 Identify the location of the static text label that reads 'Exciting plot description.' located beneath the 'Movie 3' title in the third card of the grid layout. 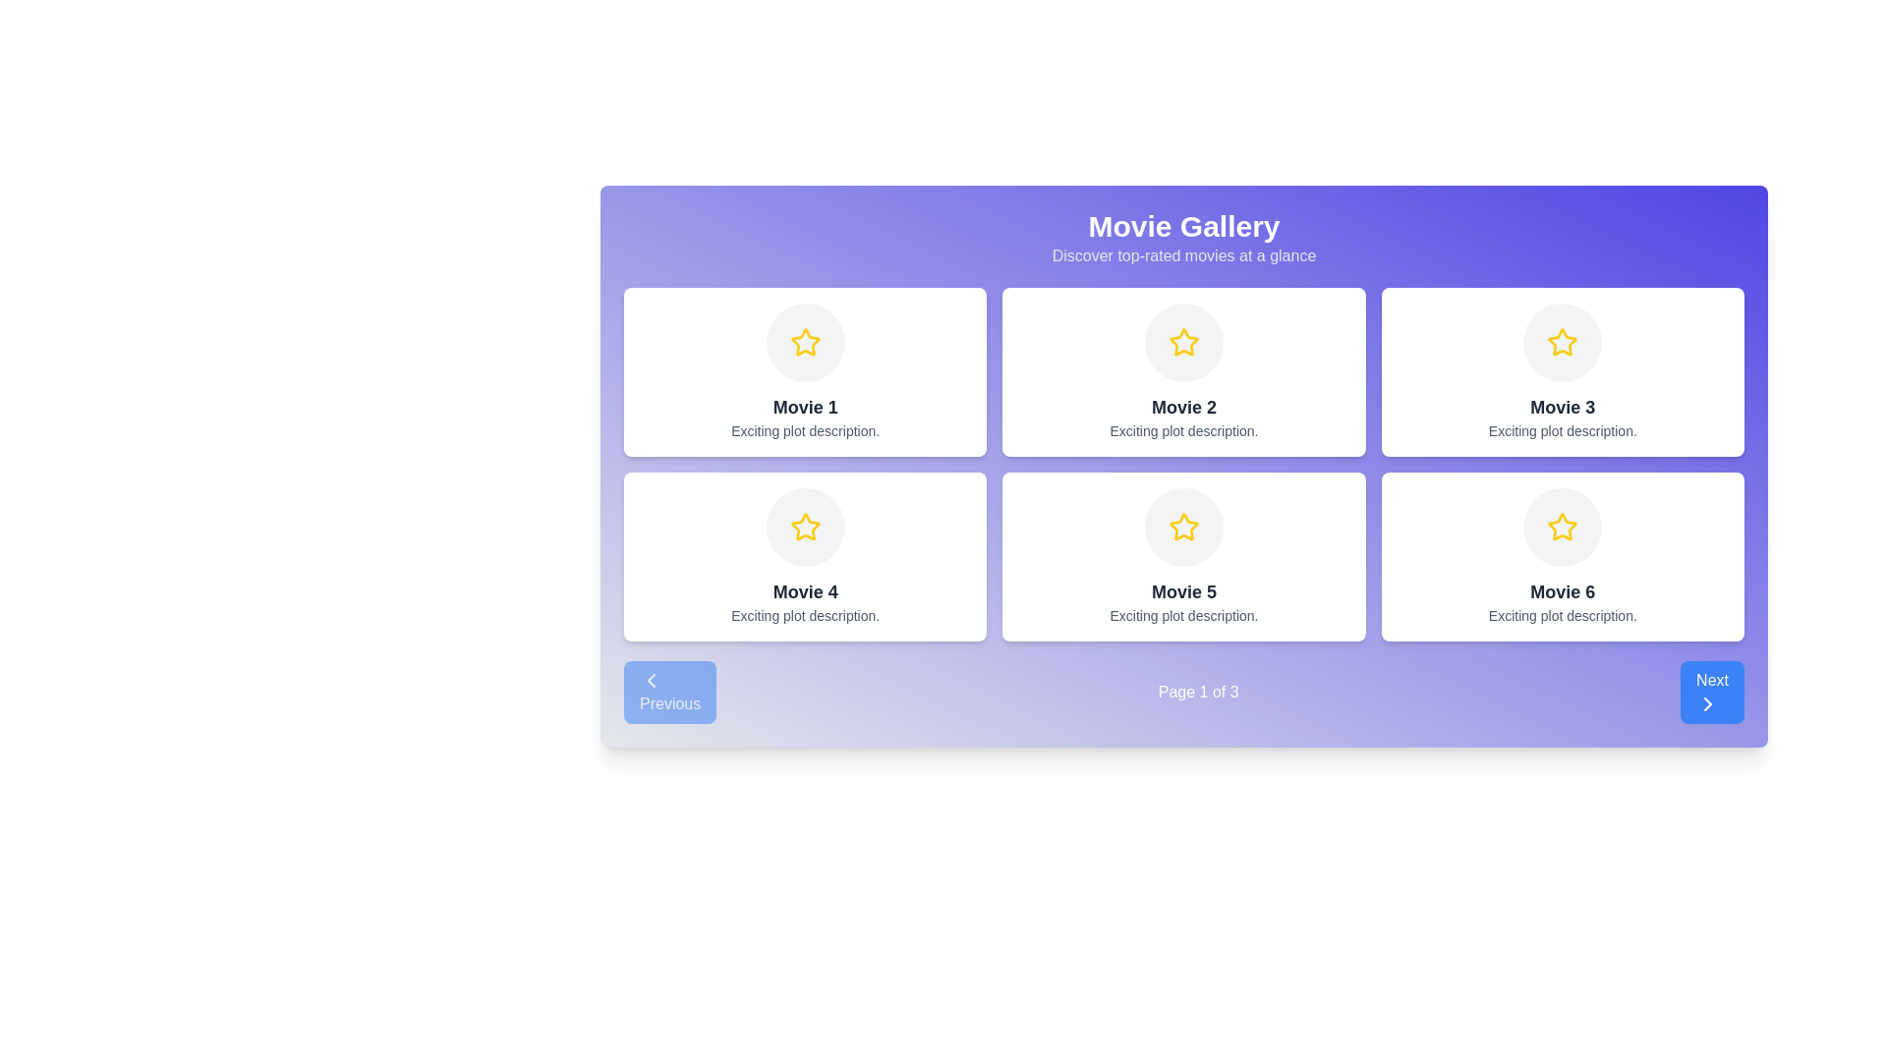
(1562, 430).